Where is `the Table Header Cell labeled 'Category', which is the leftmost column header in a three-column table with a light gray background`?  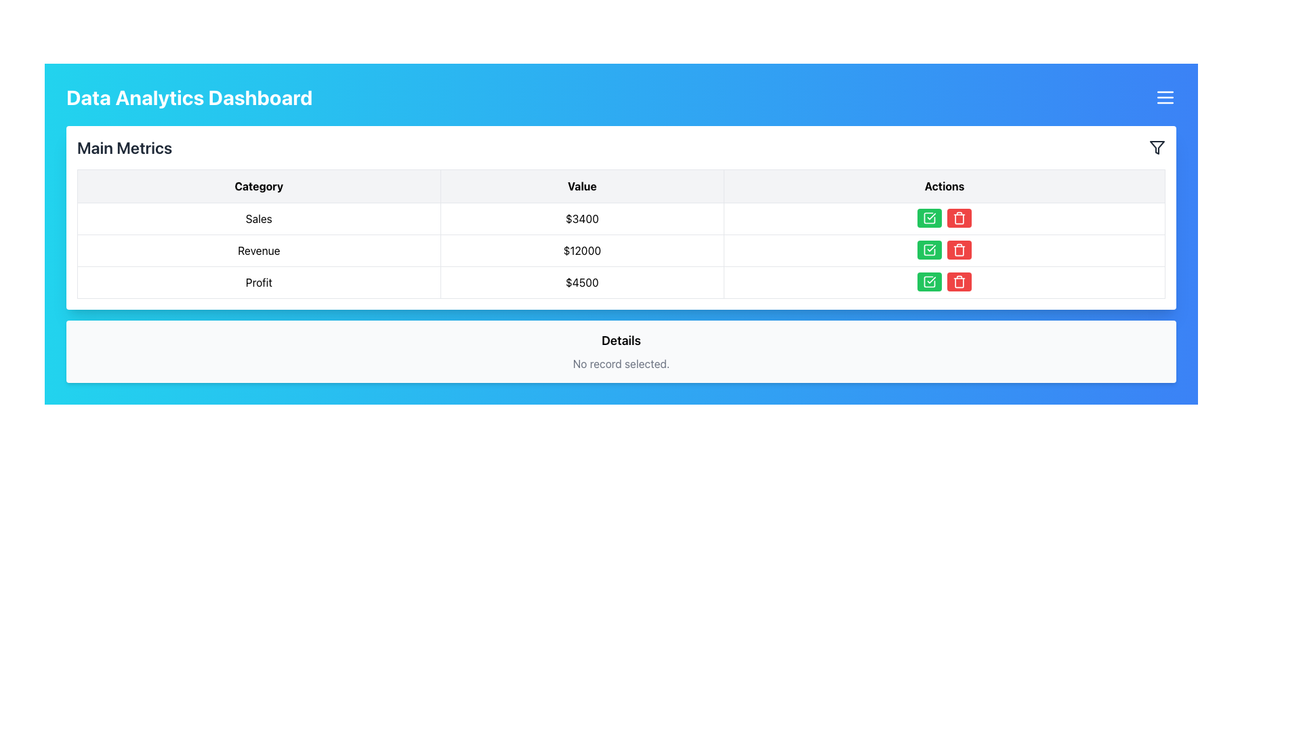
the Table Header Cell labeled 'Category', which is the leftmost column header in a three-column table with a light gray background is located at coordinates (259, 186).